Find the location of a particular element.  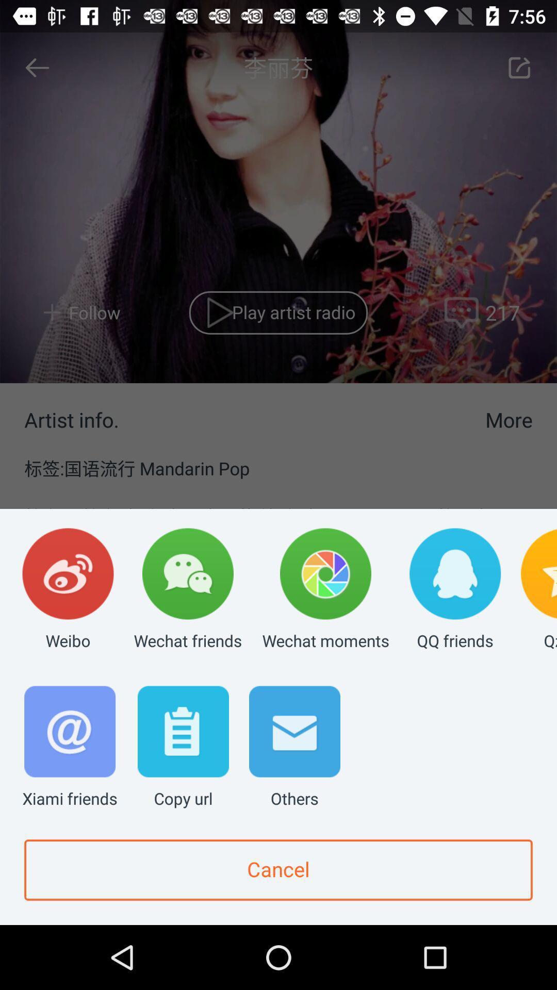

the item next to the qq friends app is located at coordinates (325, 590).